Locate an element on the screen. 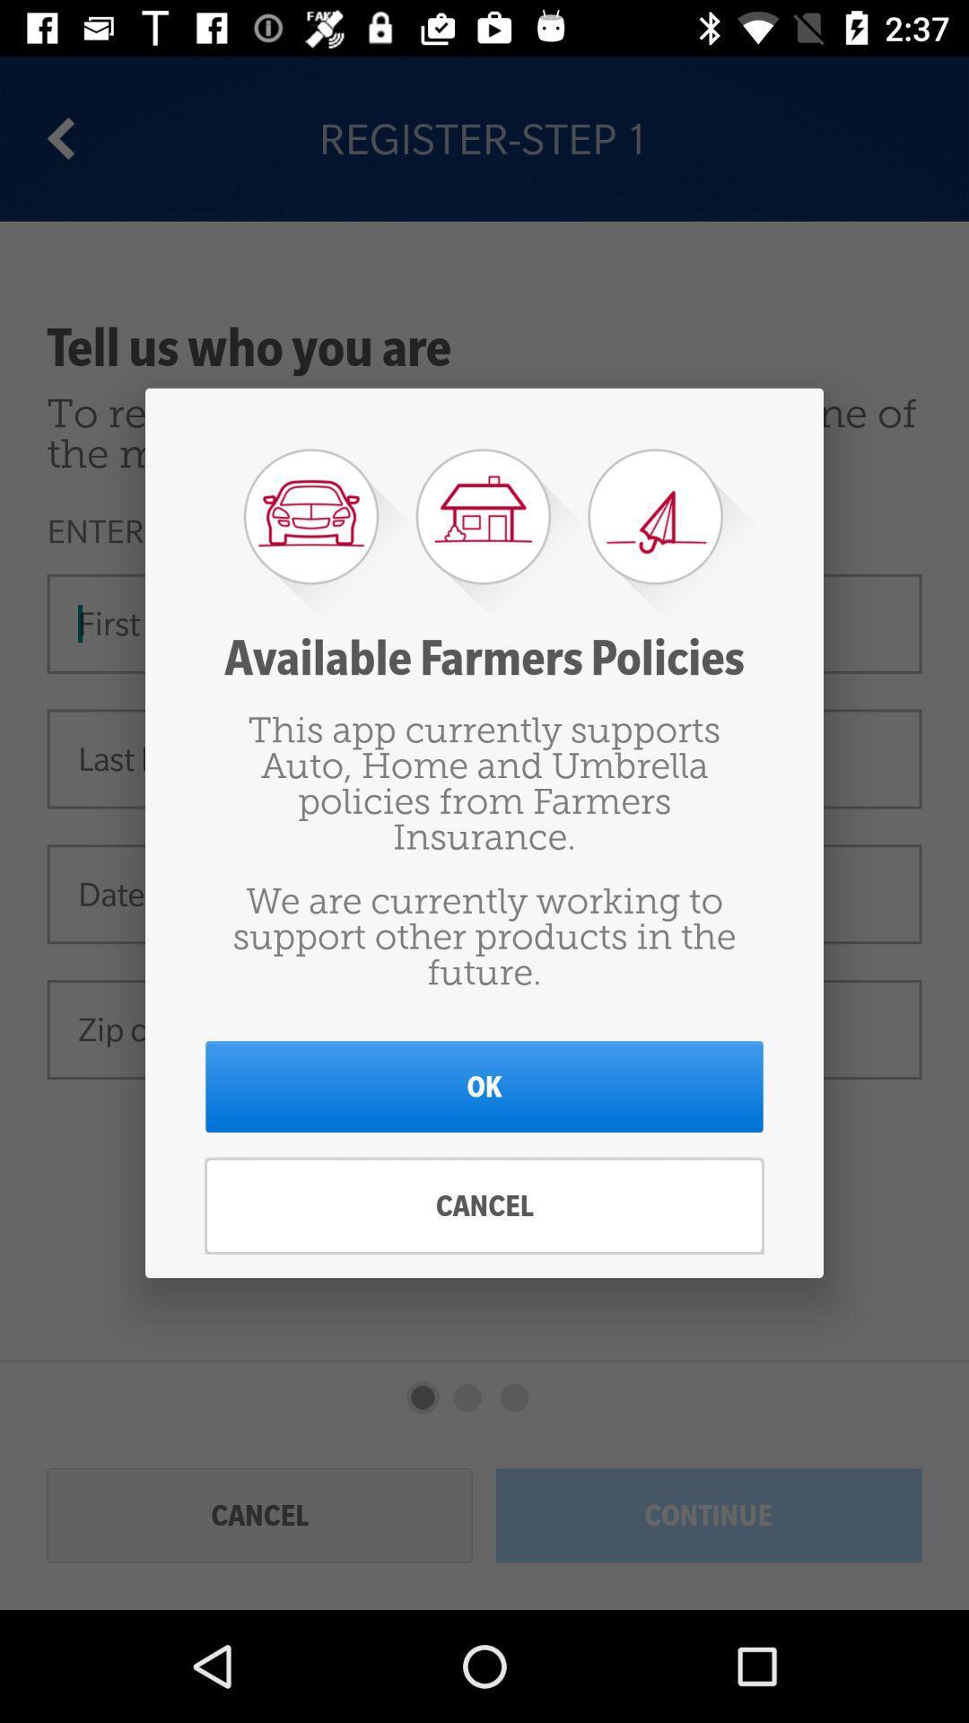  cancel at the bottom is located at coordinates (484, 1206).